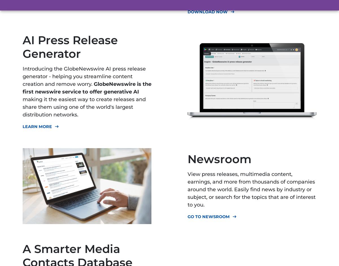 This screenshot has width=339, height=266. I want to click on 'Newsroom', so click(219, 158).